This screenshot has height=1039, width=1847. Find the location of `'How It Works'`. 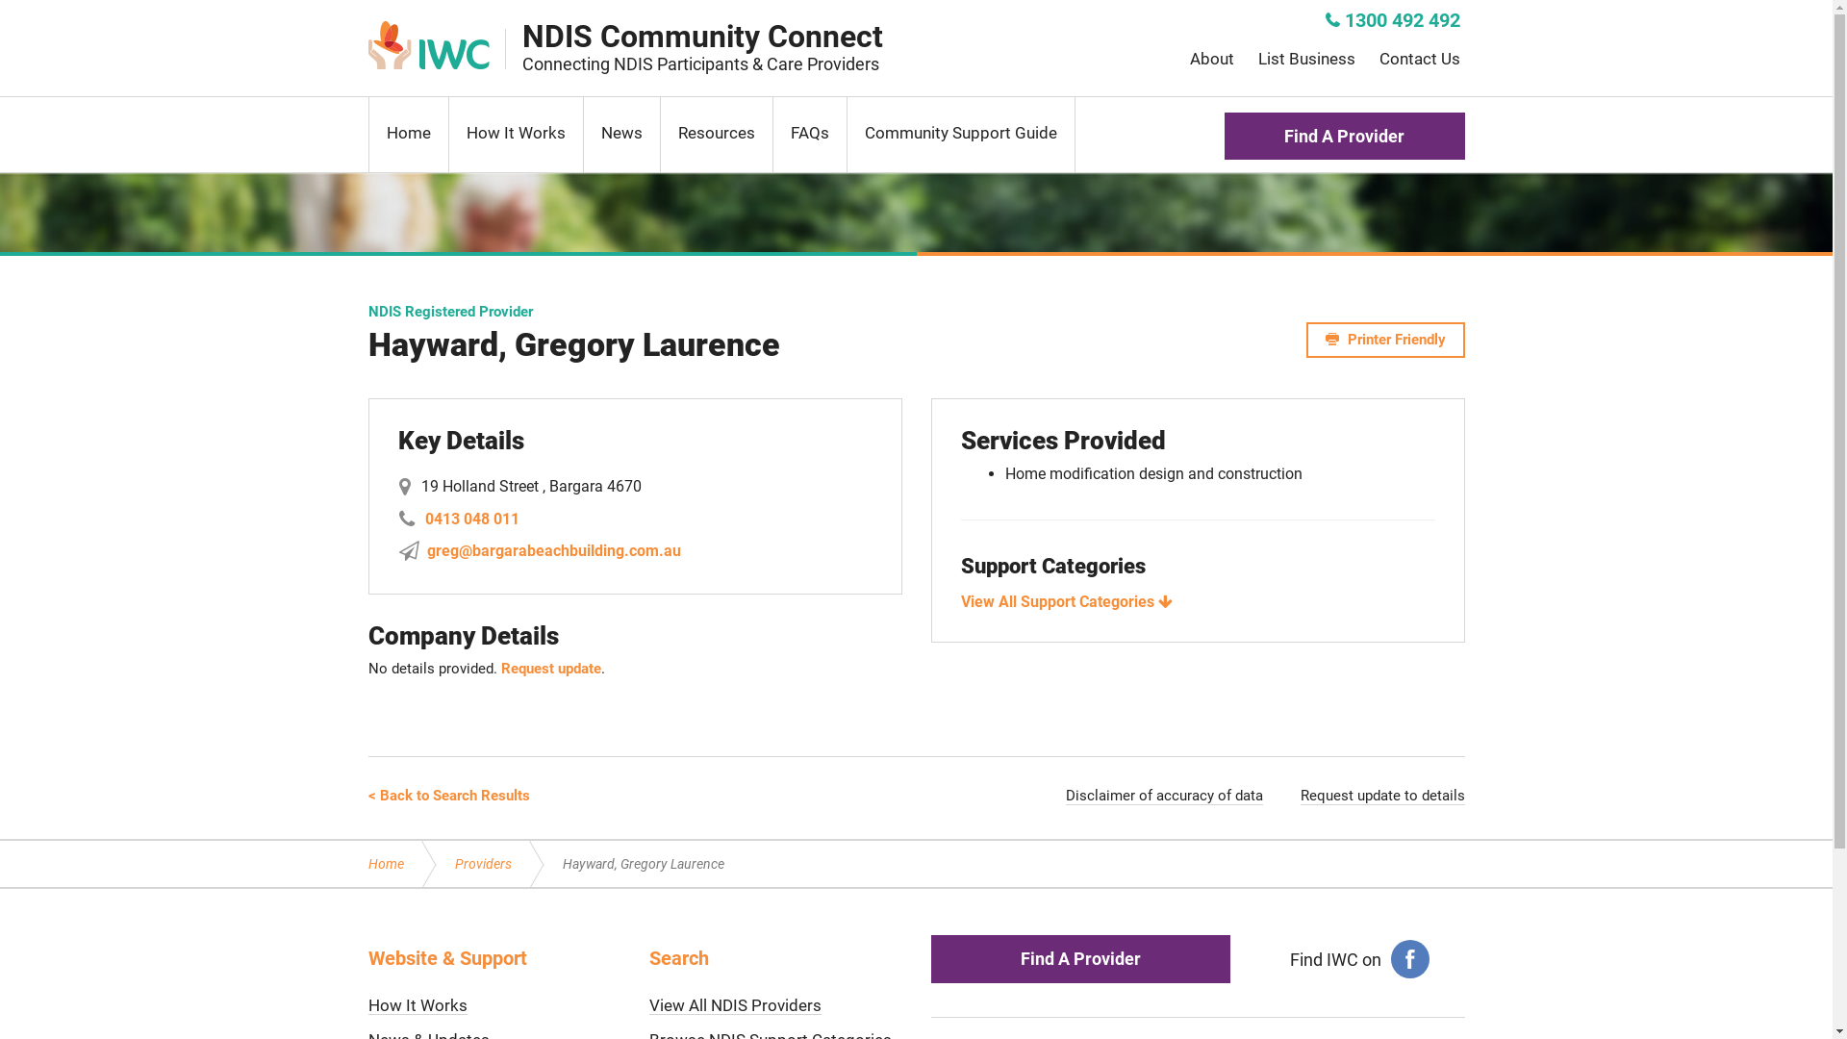

'How It Works' is located at coordinates (515, 133).